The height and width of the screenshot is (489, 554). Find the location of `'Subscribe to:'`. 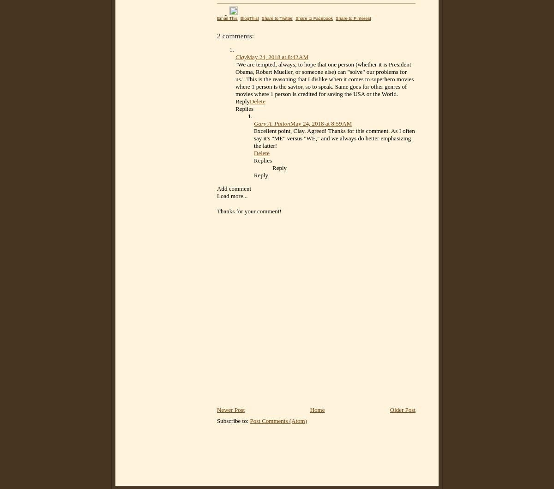

'Subscribe to:' is located at coordinates (233, 421).